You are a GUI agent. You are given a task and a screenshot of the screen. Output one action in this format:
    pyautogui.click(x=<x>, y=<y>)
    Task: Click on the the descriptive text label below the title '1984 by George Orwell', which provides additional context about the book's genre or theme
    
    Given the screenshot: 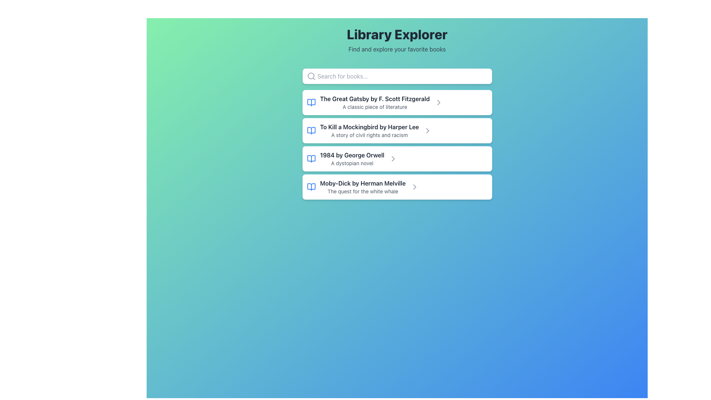 What is the action you would take?
    pyautogui.click(x=352, y=163)
    